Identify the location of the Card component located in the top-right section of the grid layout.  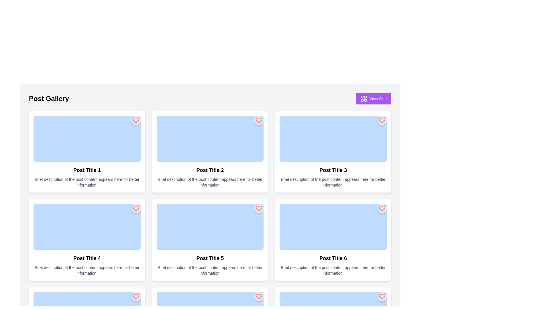
(333, 152).